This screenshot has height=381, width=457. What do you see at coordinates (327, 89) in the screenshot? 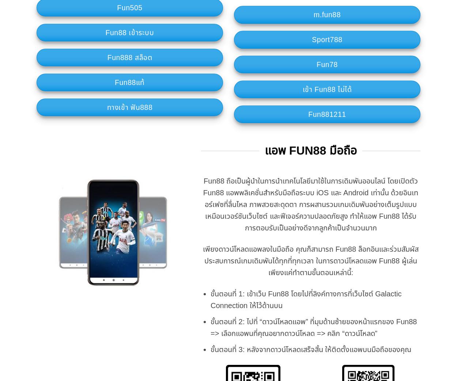
I see `'เข้า Fun88 ไม่ได้'` at bounding box center [327, 89].